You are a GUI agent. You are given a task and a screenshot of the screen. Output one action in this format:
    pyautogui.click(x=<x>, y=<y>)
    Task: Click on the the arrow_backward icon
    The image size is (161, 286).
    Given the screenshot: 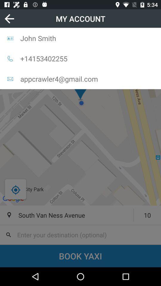 What is the action you would take?
    pyautogui.click(x=9, y=18)
    